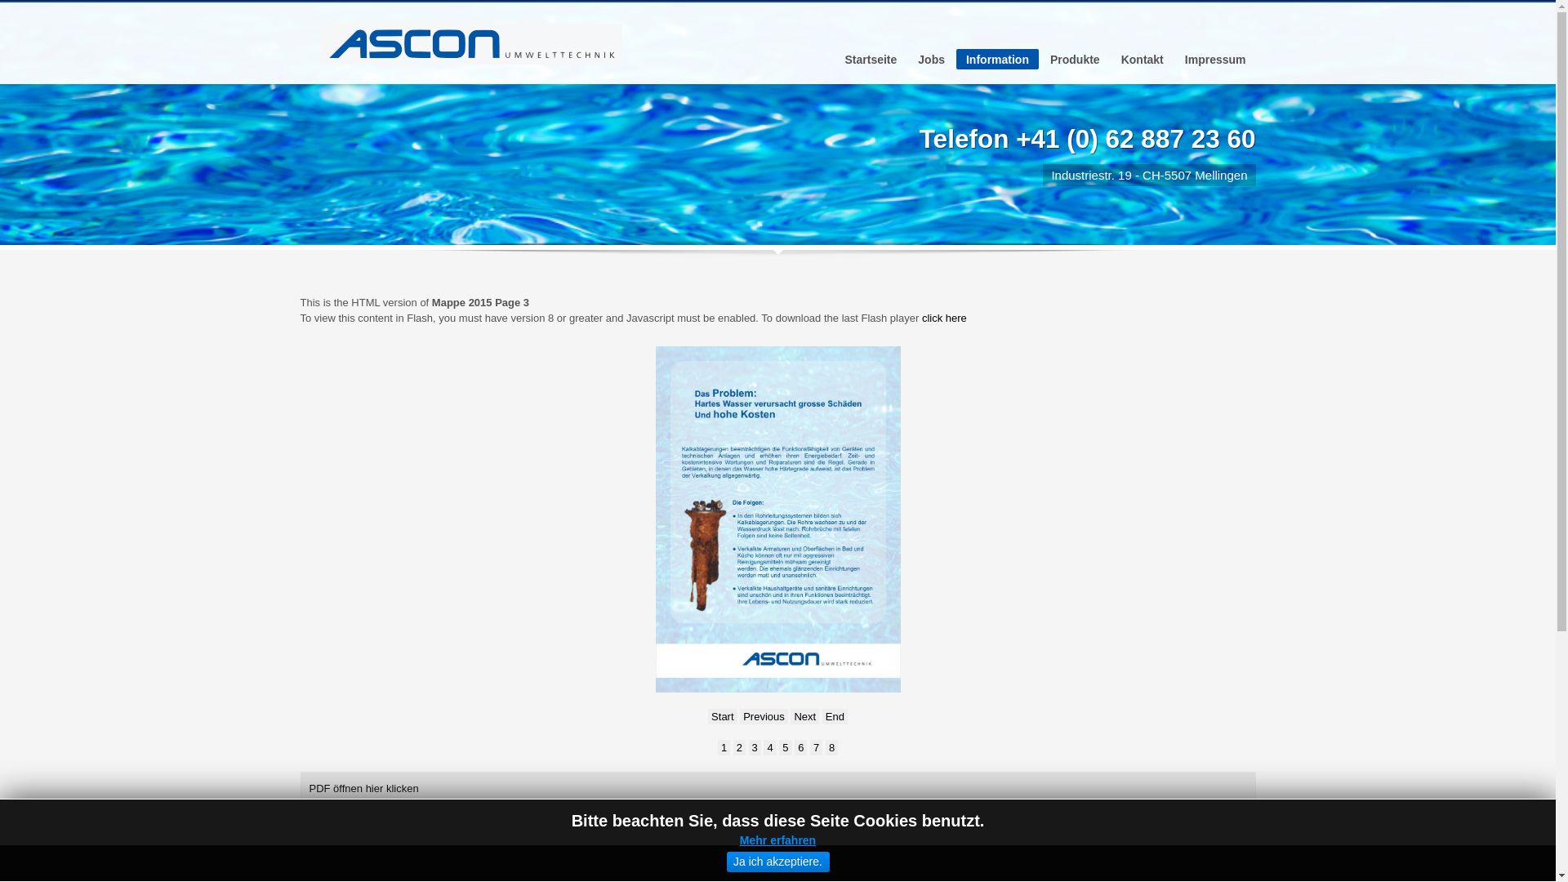  What do you see at coordinates (754, 747) in the screenshot?
I see `'3'` at bounding box center [754, 747].